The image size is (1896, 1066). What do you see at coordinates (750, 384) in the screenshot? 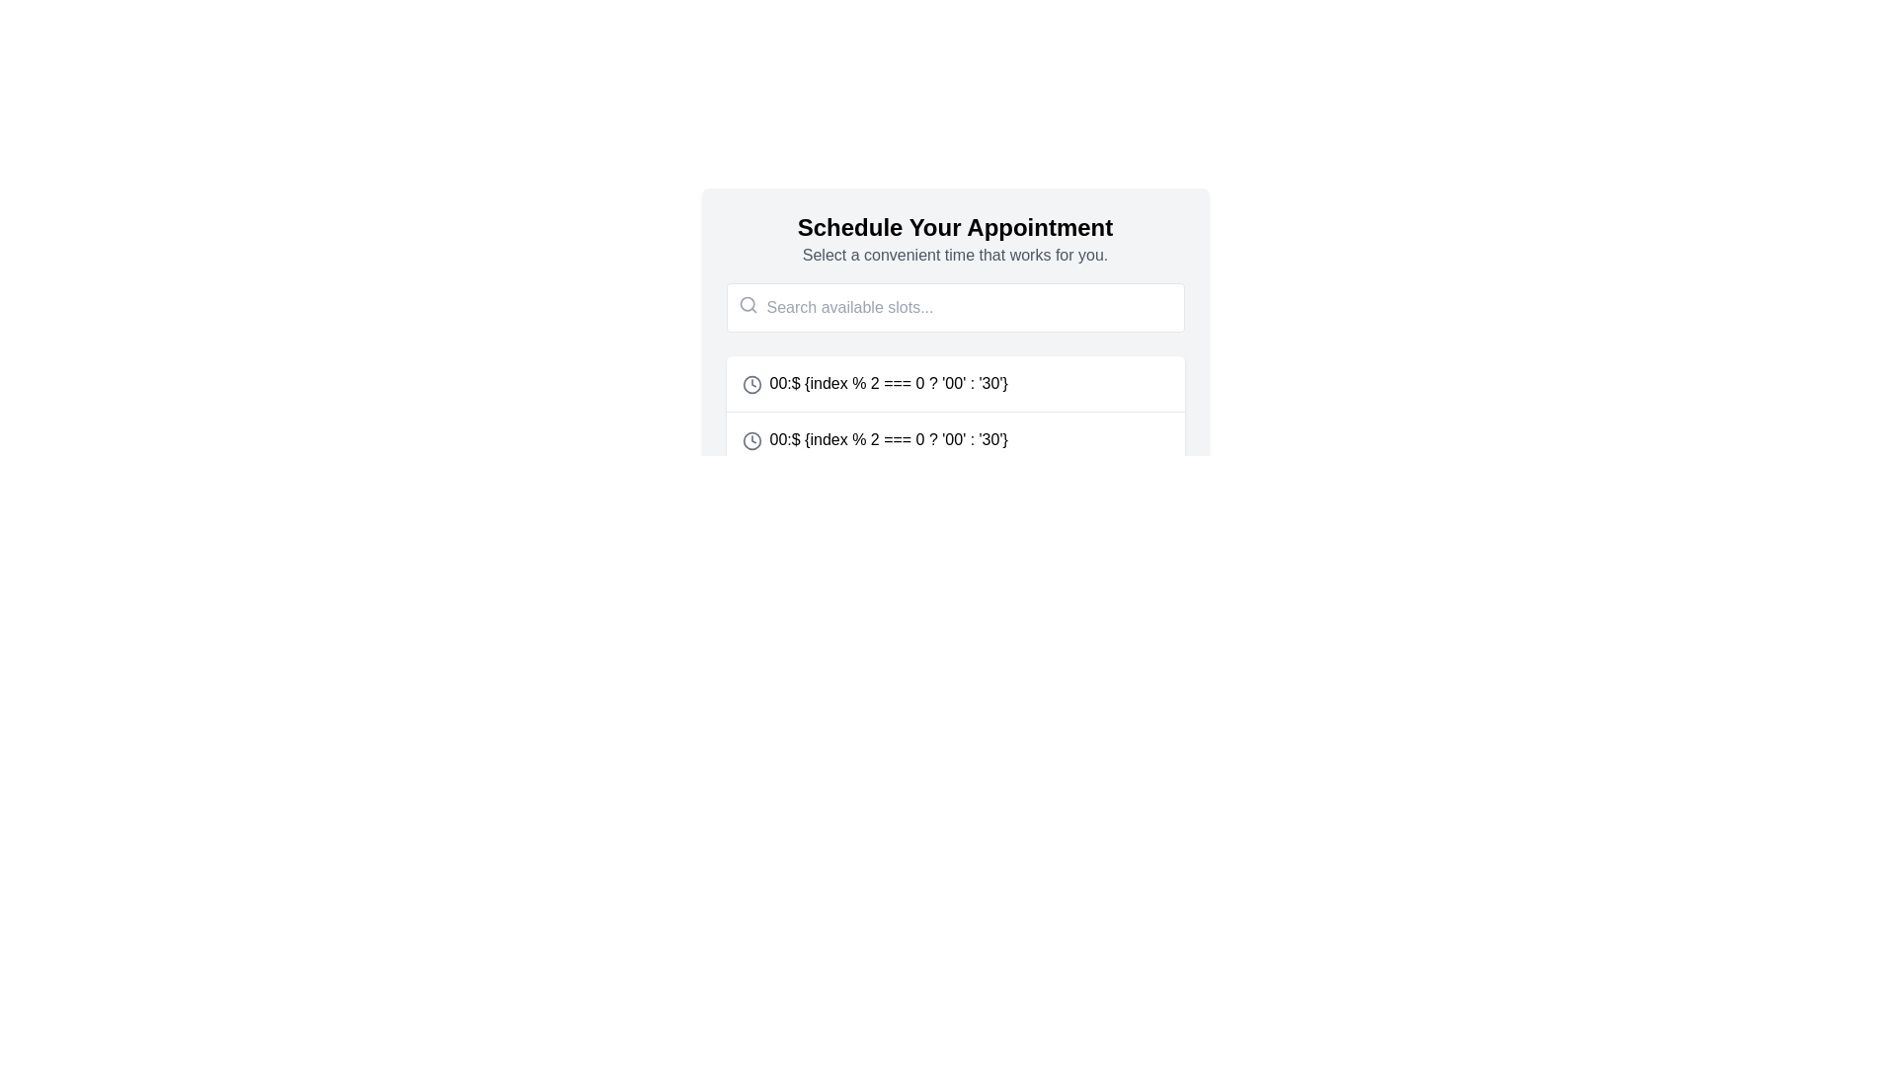
I see `the icon located in the first item of a vertical list, positioned to the left of the text content, serving as a visual indicator for a time-related context` at bounding box center [750, 384].